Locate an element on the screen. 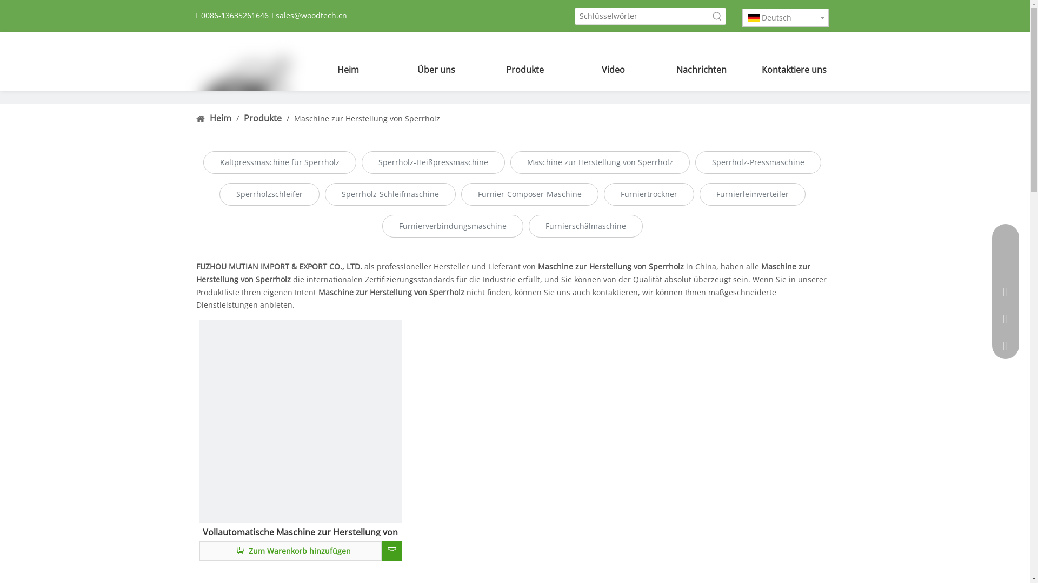 Image resolution: width=1038 pixels, height=583 pixels. 'Sperrholzschleifer' is located at coordinates (269, 193).